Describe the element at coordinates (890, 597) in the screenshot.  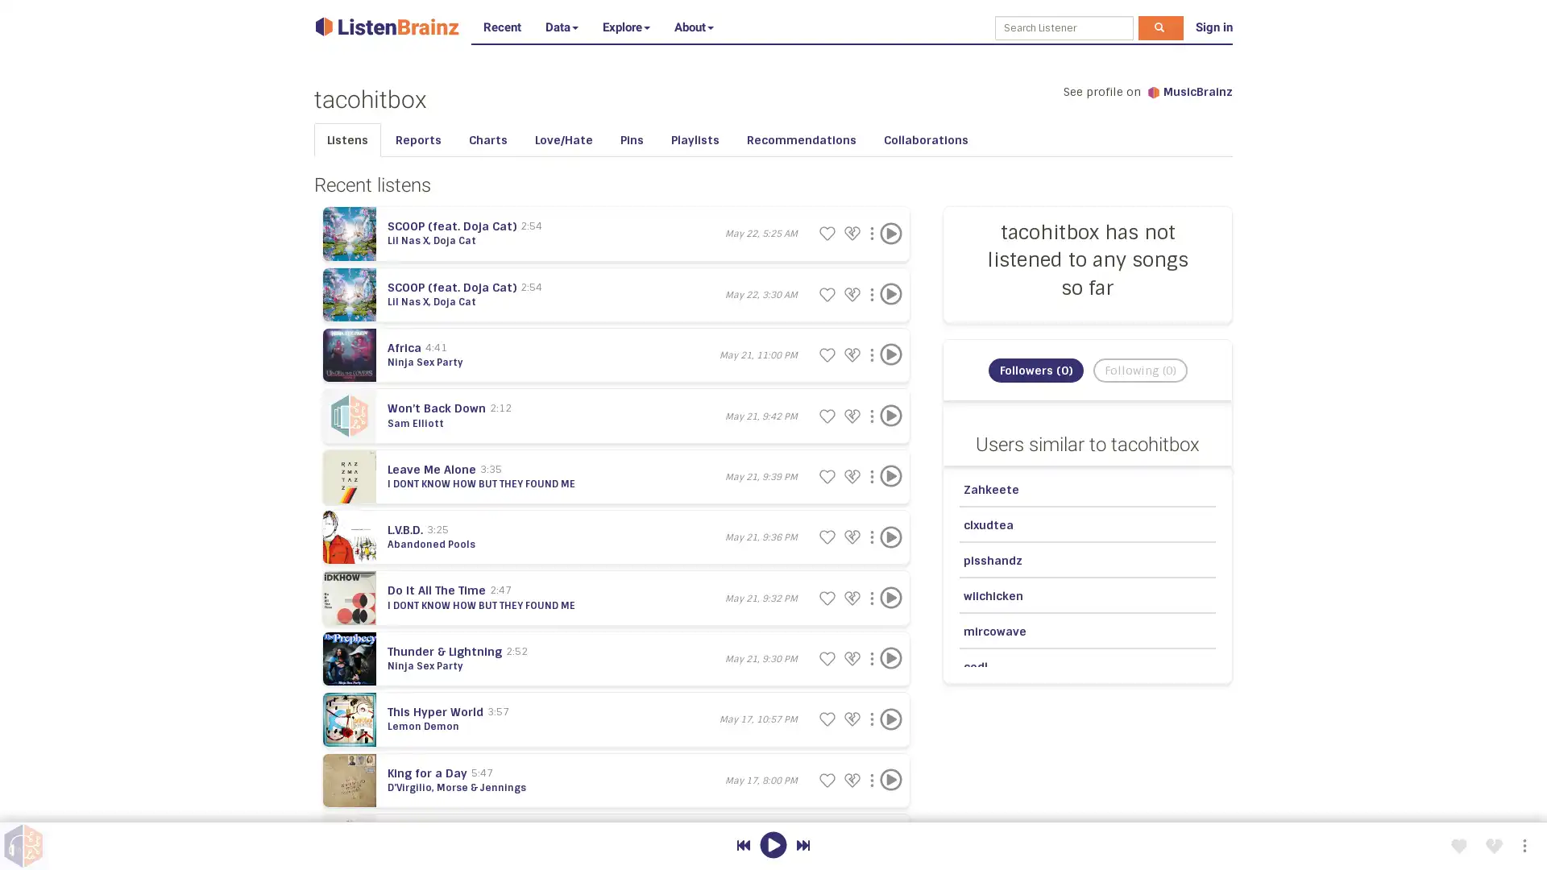
I see `Play` at that location.